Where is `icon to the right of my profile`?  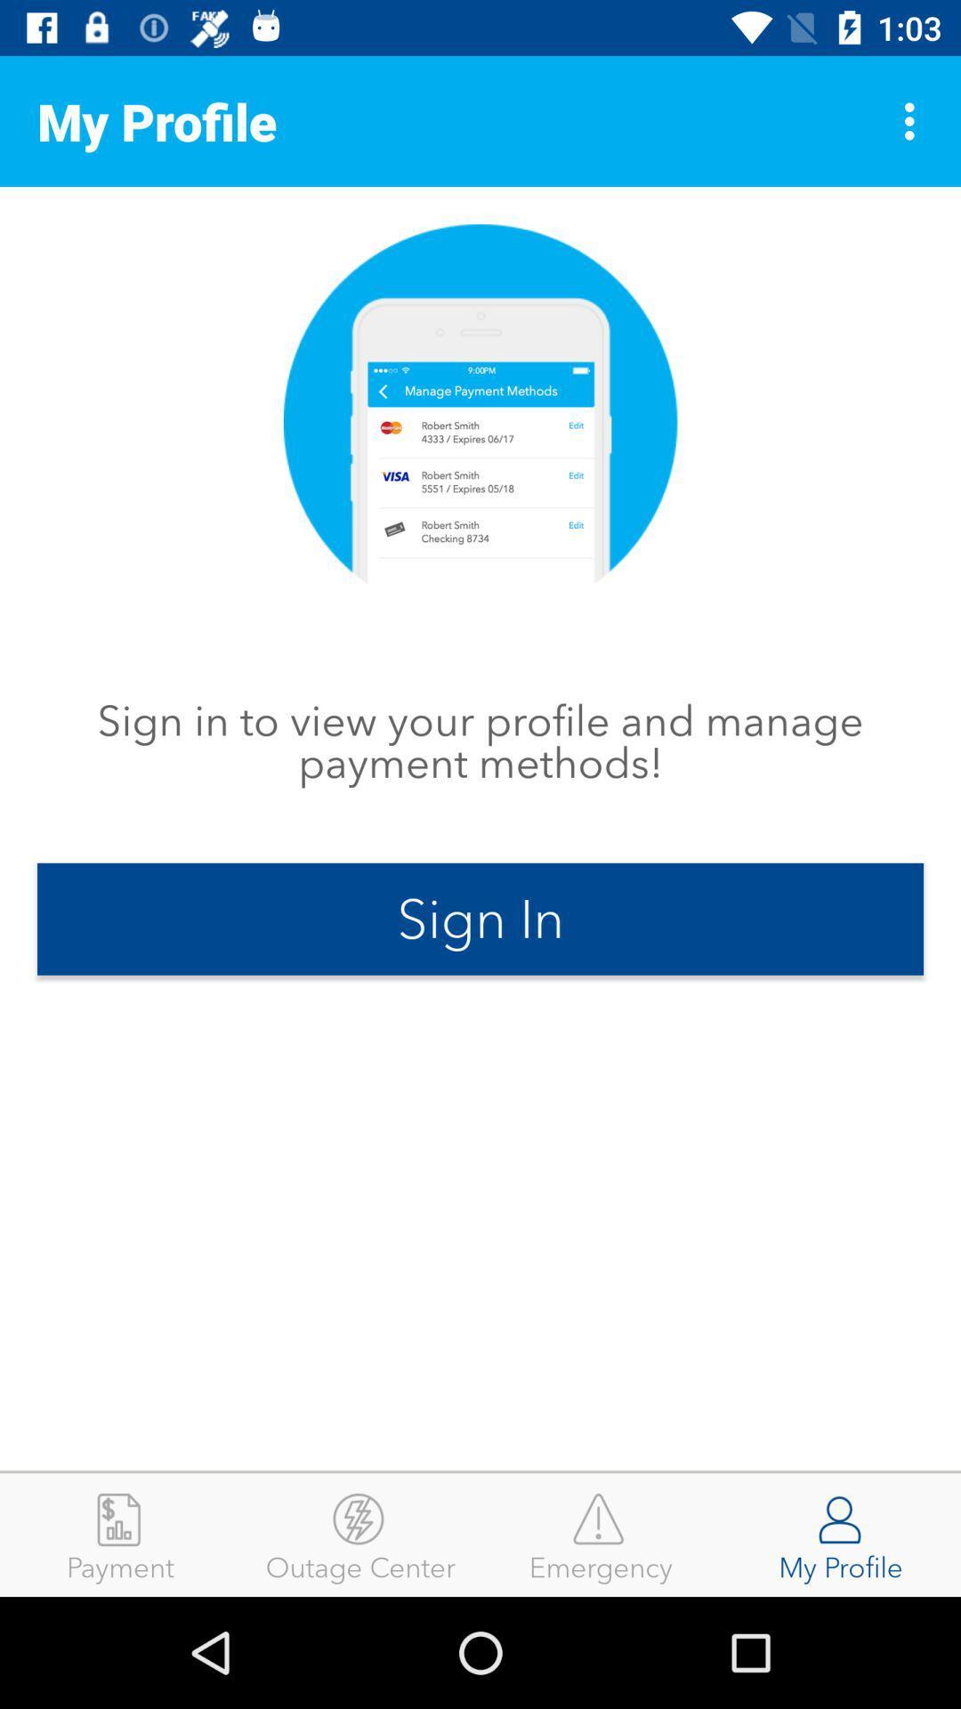 icon to the right of my profile is located at coordinates (914, 120).